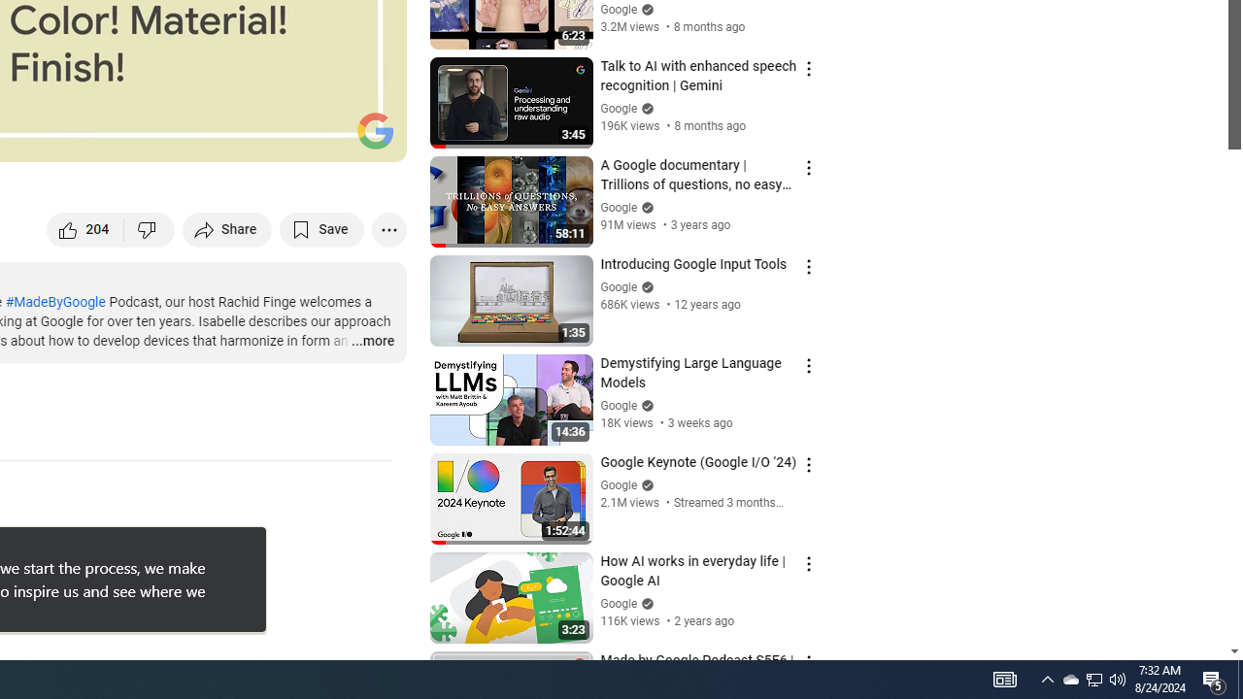 The height and width of the screenshot is (699, 1243). What do you see at coordinates (371, 137) in the screenshot?
I see `'Full screen (f)'` at bounding box center [371, 137].